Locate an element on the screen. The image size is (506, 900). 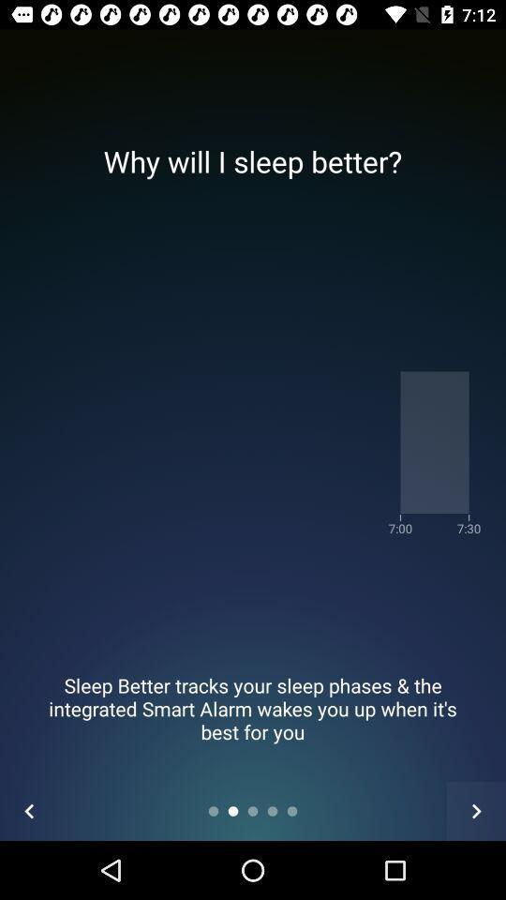
the arrow_backward icon is located at coordinates (28, 810).